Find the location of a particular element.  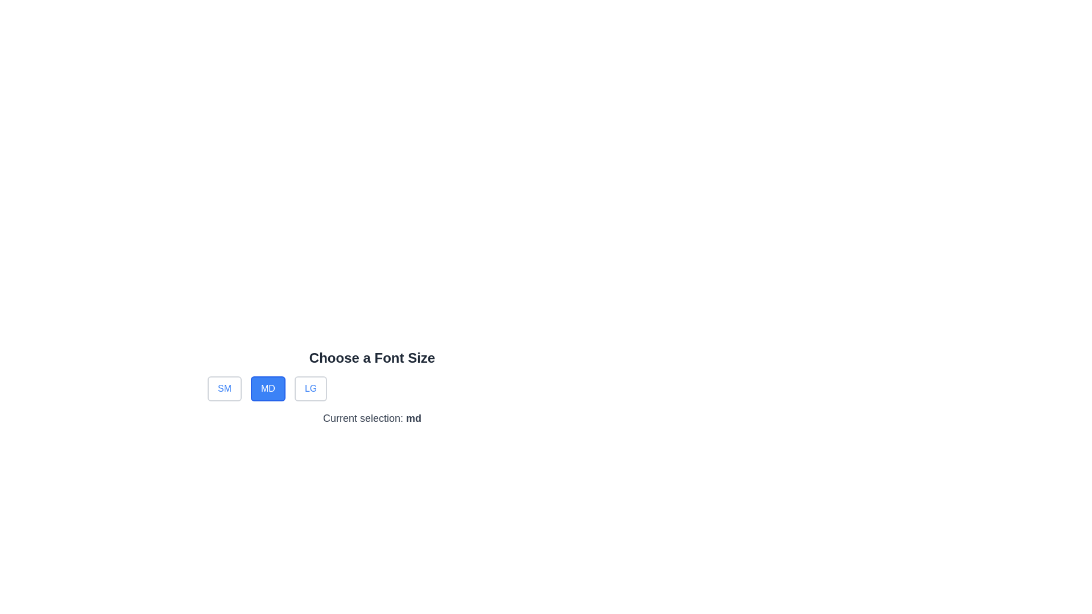

the Text Label indicating the current selection for the font size, which is located below the buttons 'SM', 'MD', 'LG' and beneath the heading 'Choose a Font Size' is located at coordinates (372, 418).